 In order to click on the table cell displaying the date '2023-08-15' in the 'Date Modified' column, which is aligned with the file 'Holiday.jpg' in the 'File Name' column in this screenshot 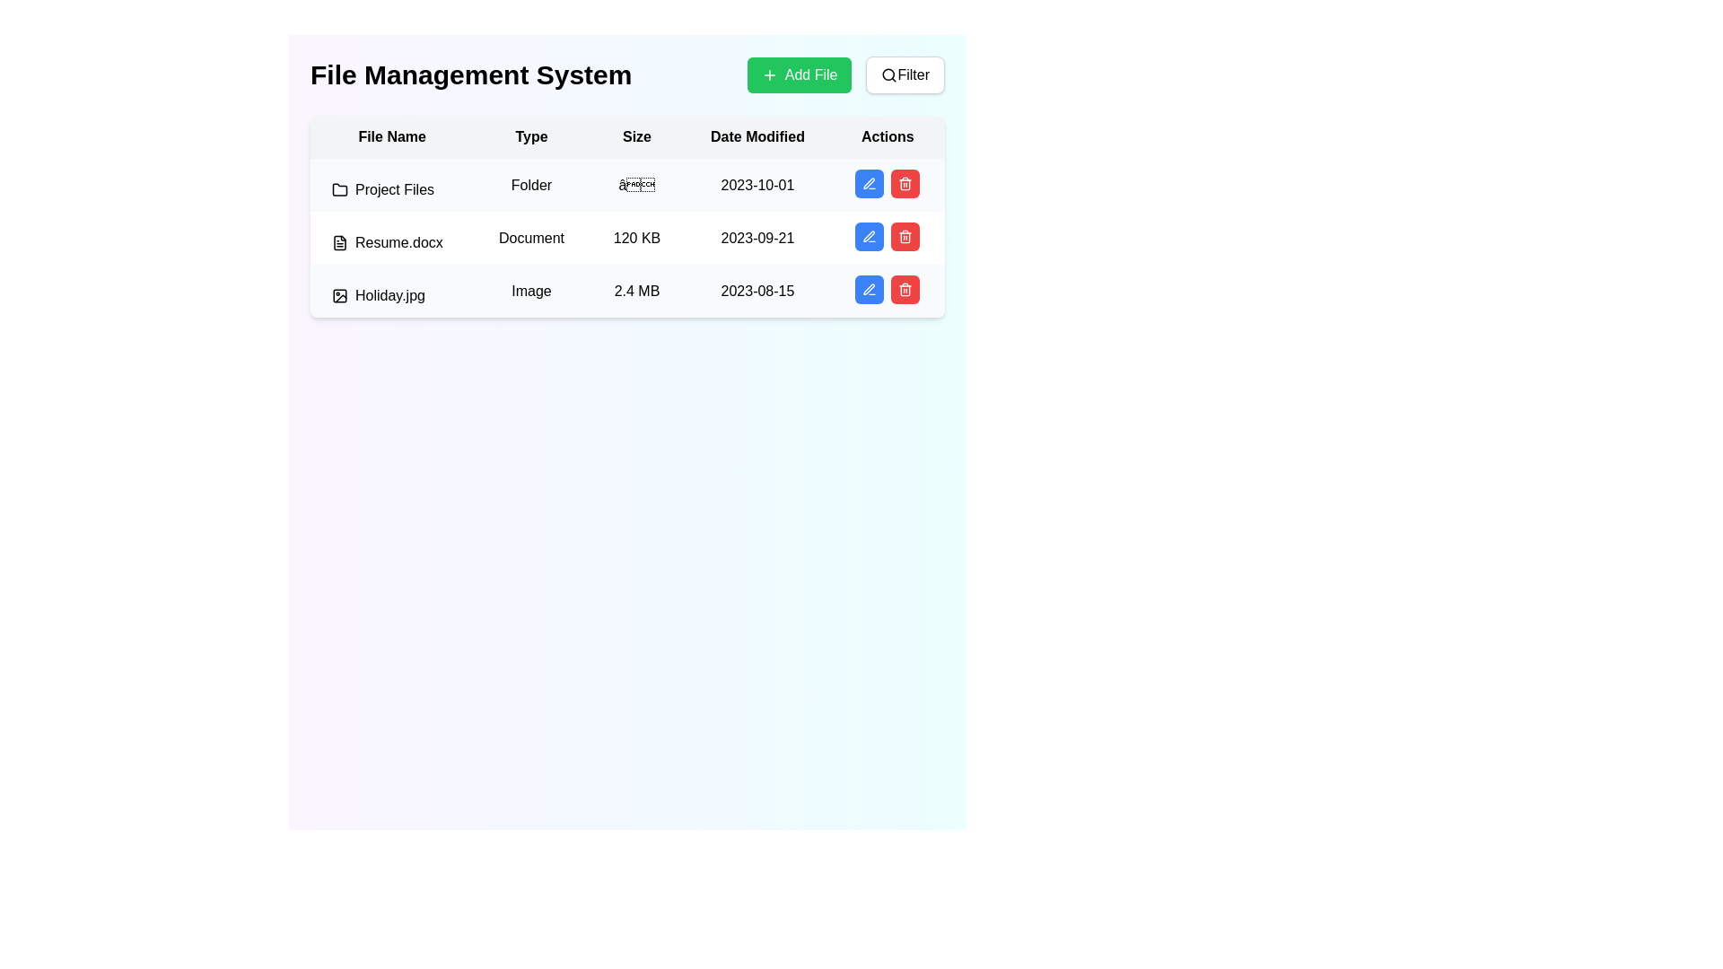, I will do `click(757, 290)`.